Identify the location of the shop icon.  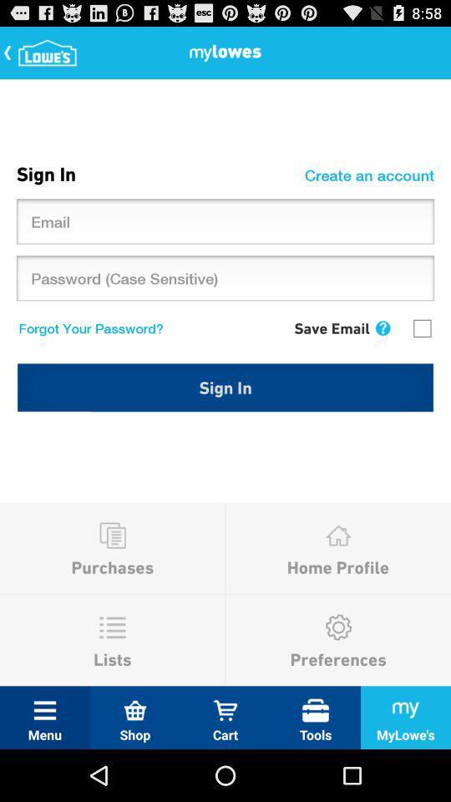
(134, 709).